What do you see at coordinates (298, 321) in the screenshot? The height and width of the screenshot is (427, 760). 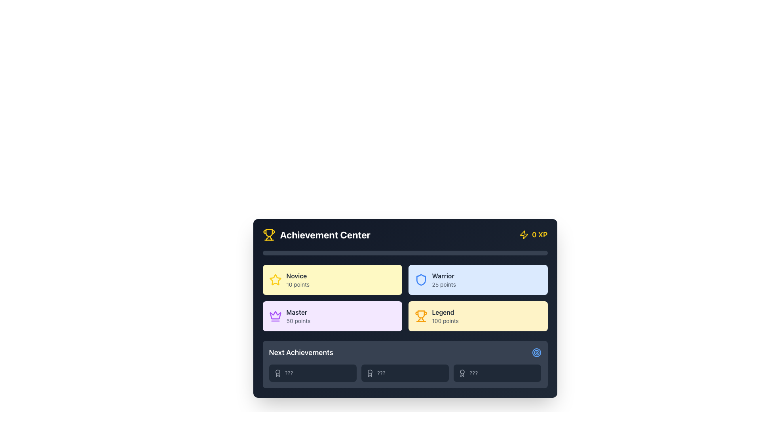 I see `the text label displaying '50 points' located within the purple section labeled 'Master' in the bottom-left quadrant of the achievement levels grid` at bounding box center [298, 321].